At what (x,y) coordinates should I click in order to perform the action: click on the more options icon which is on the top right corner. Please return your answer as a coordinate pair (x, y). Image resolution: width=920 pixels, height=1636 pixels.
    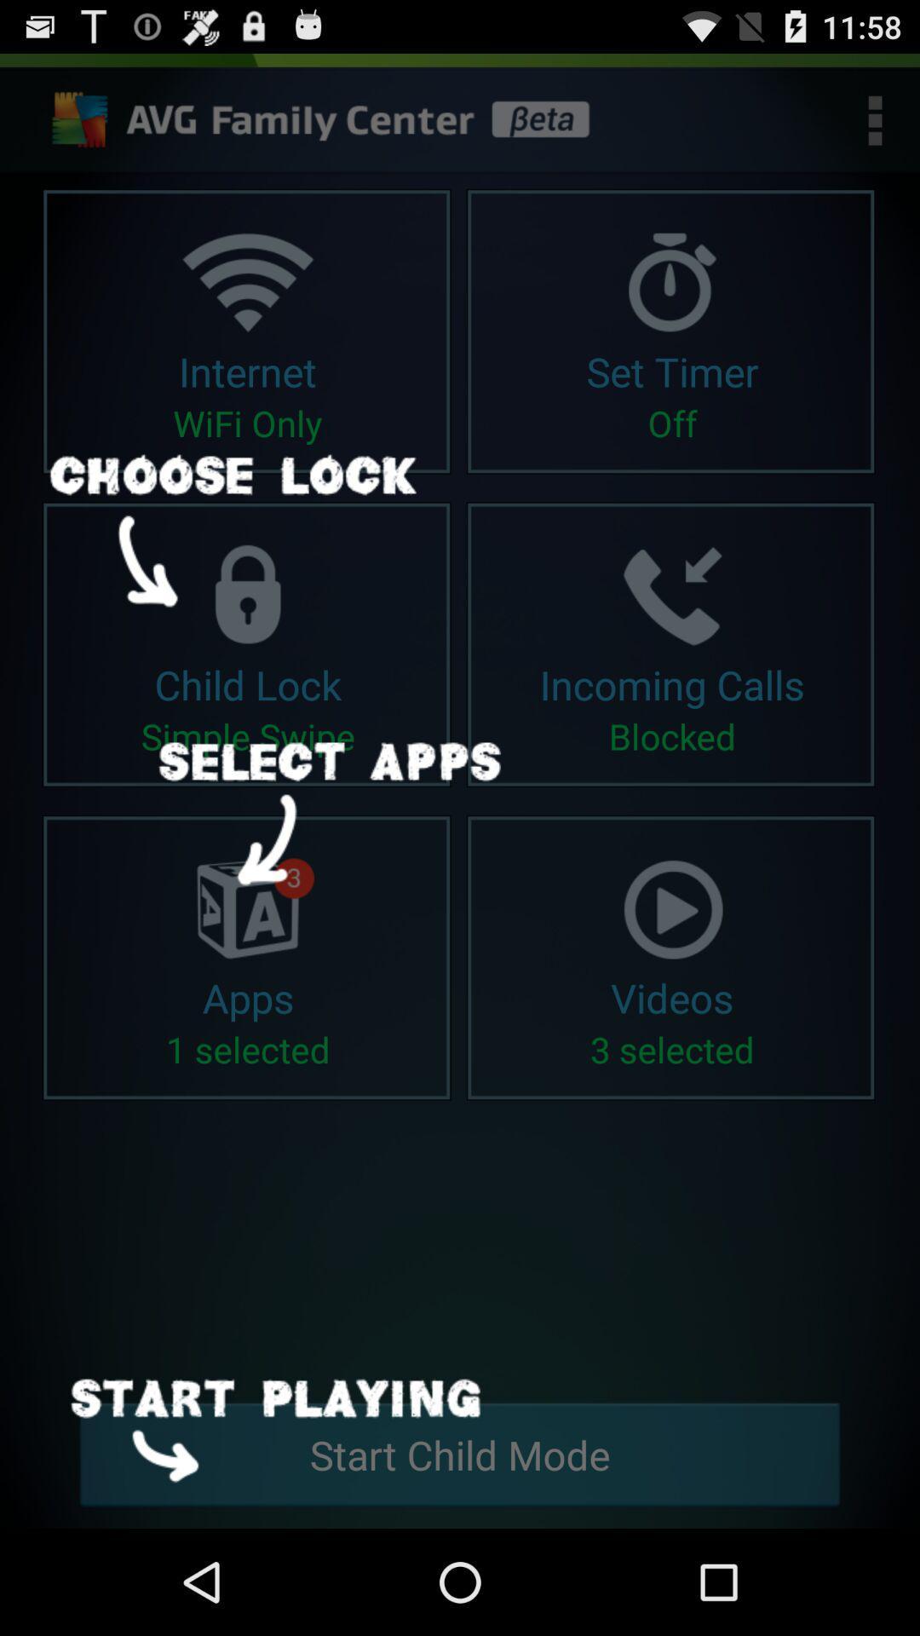
    Looking at the image, I should click on (875, 120).